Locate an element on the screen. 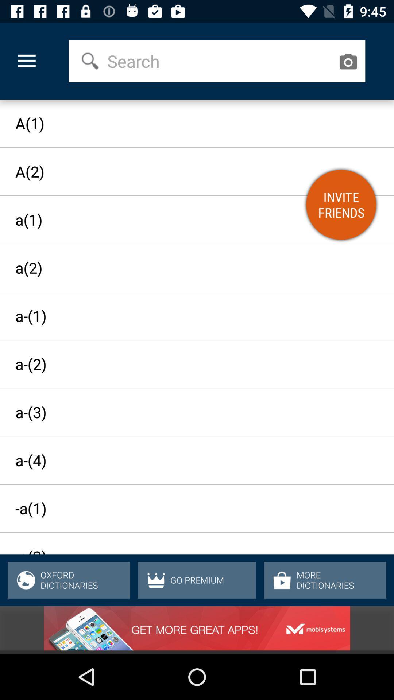  the icon above a-(4) item is located at coordinates (190, 412).